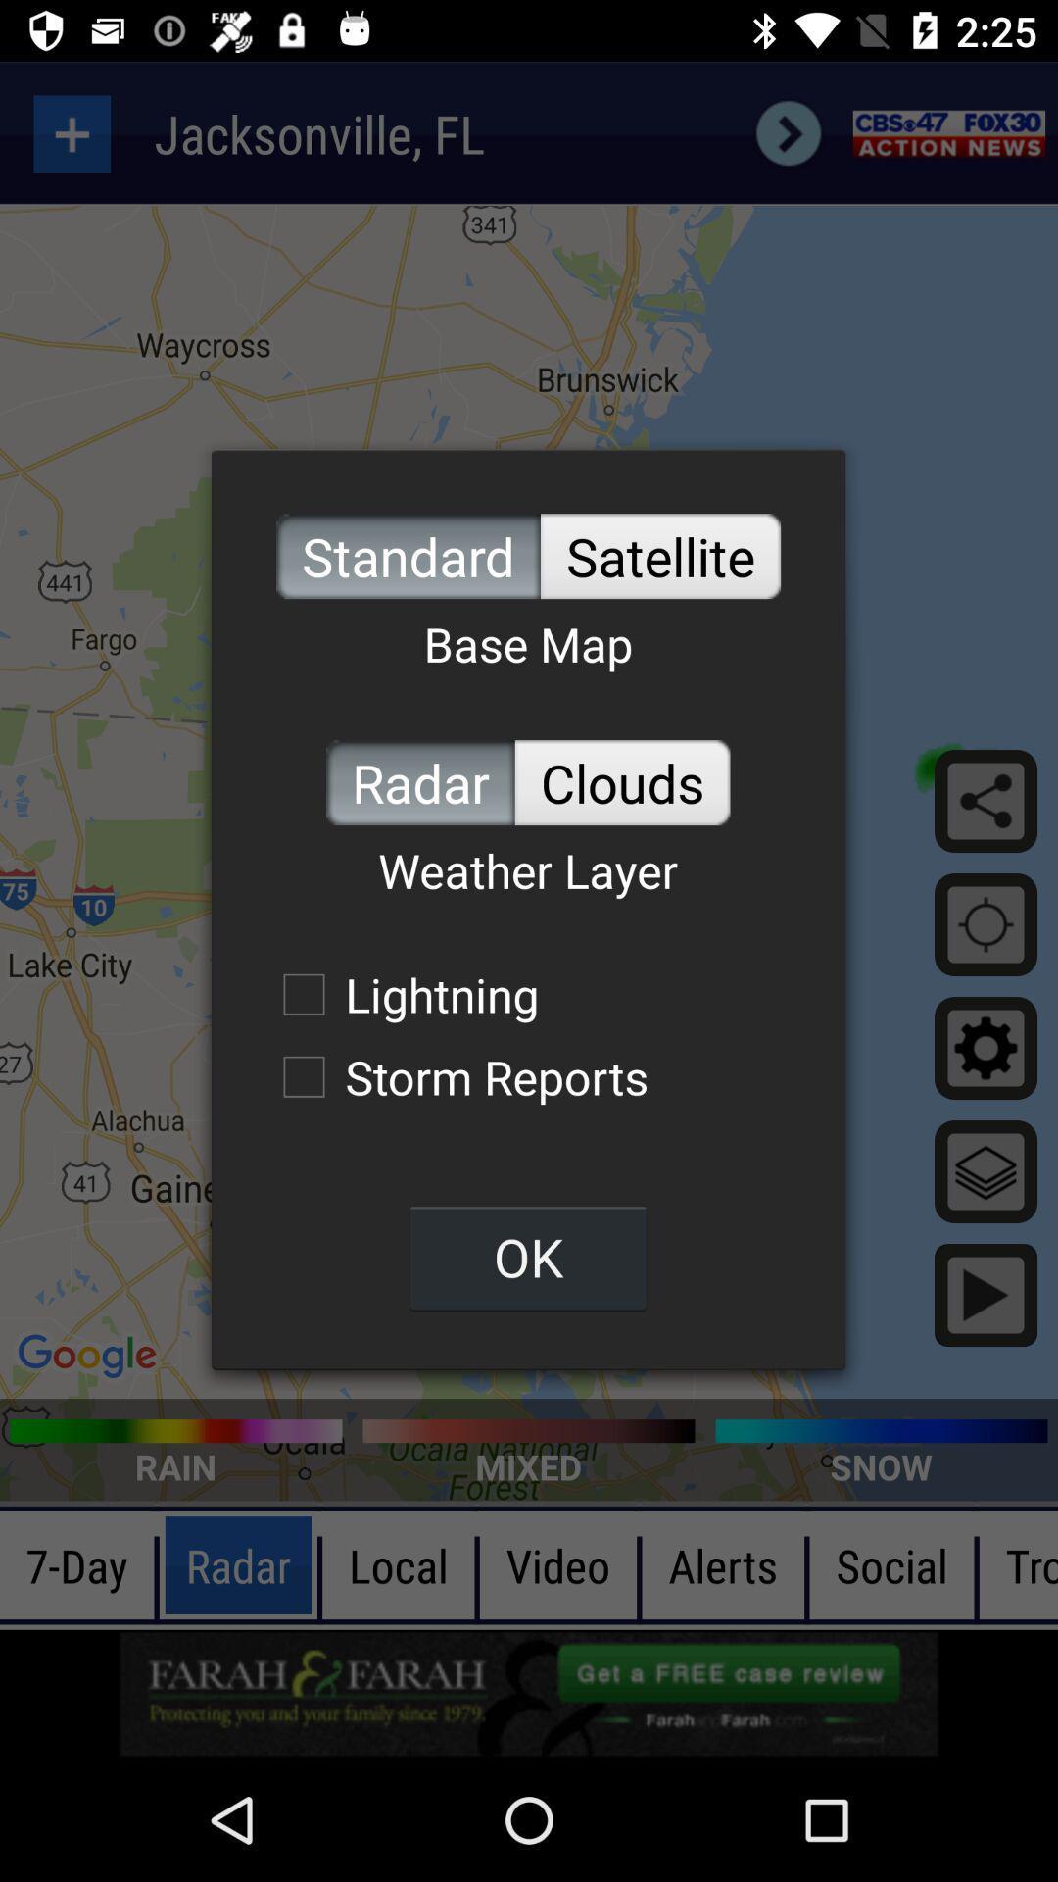 Image resolution: width=1058 pixels, height=1882 pixels. Describe the element at coordinates (456, 1075) in the screenshot. I see `storm reports` at that location.